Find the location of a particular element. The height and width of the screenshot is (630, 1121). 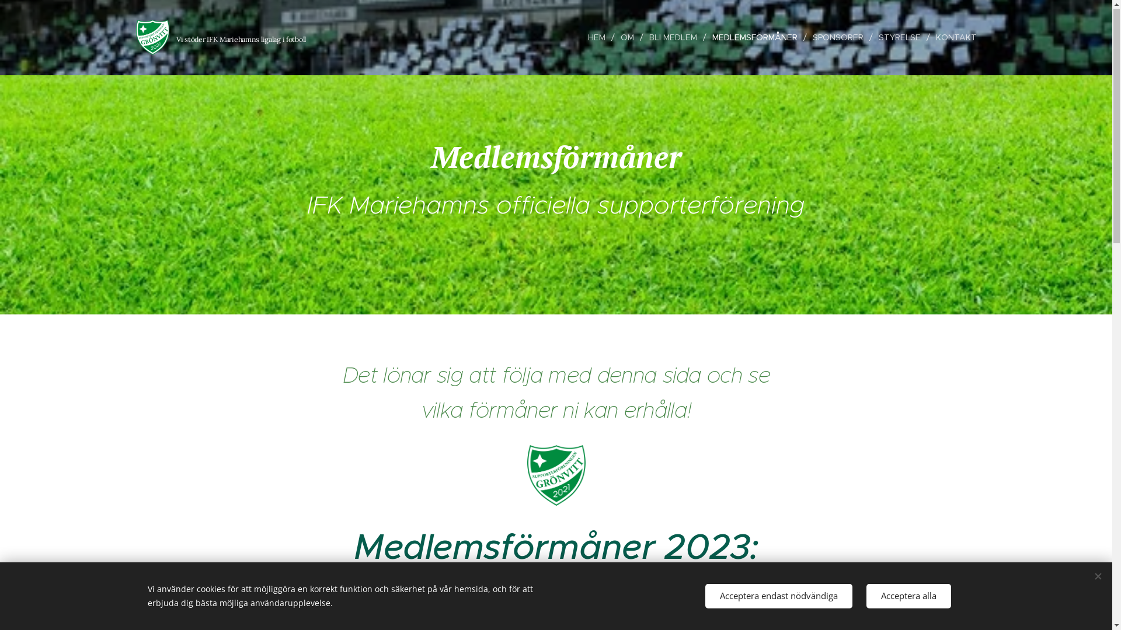

'OM' is located at coordinates (628, 37).